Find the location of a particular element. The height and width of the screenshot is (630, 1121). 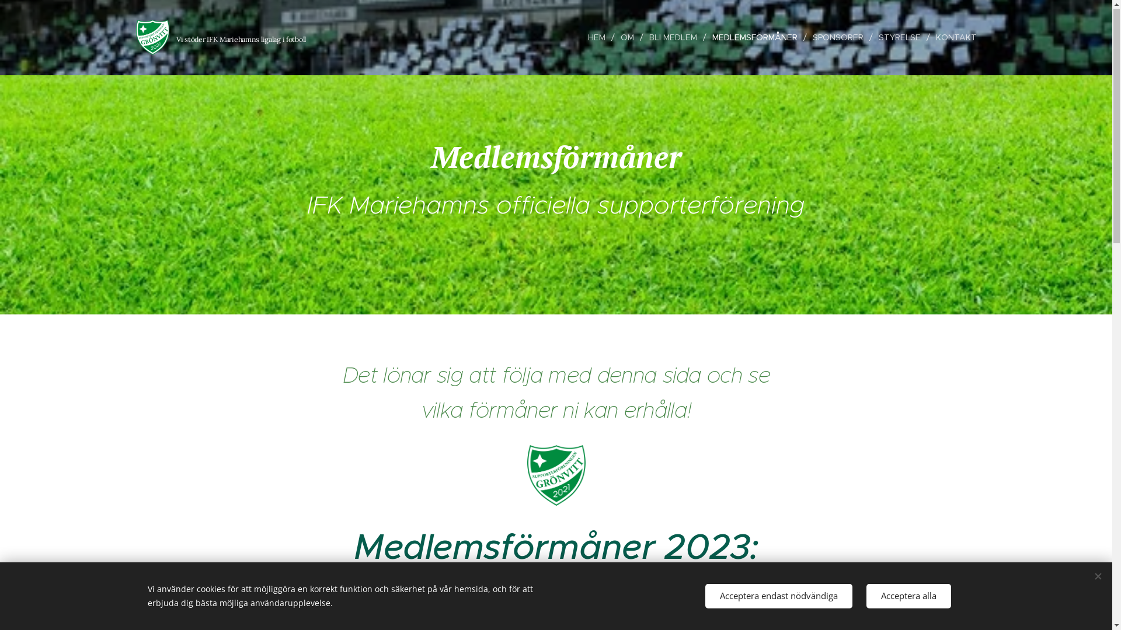

'OM' is located at coordinates (628, 37).